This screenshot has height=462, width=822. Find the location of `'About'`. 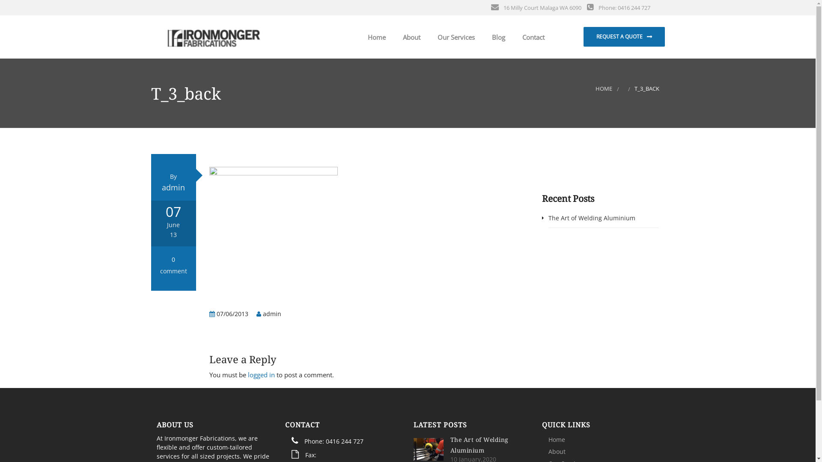

'About' is located at coordinates (557, 451).